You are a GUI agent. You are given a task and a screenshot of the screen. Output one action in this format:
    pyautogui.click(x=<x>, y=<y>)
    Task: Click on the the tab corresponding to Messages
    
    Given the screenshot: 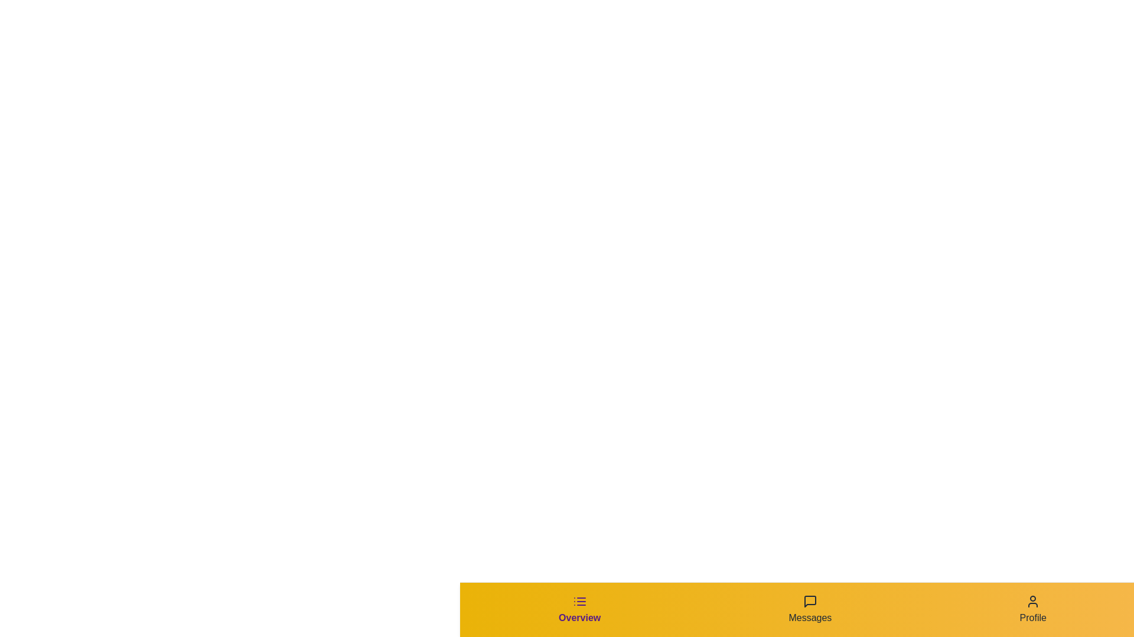 What is the action you would take?
    pyautogui.click(x=809, y=609)
    